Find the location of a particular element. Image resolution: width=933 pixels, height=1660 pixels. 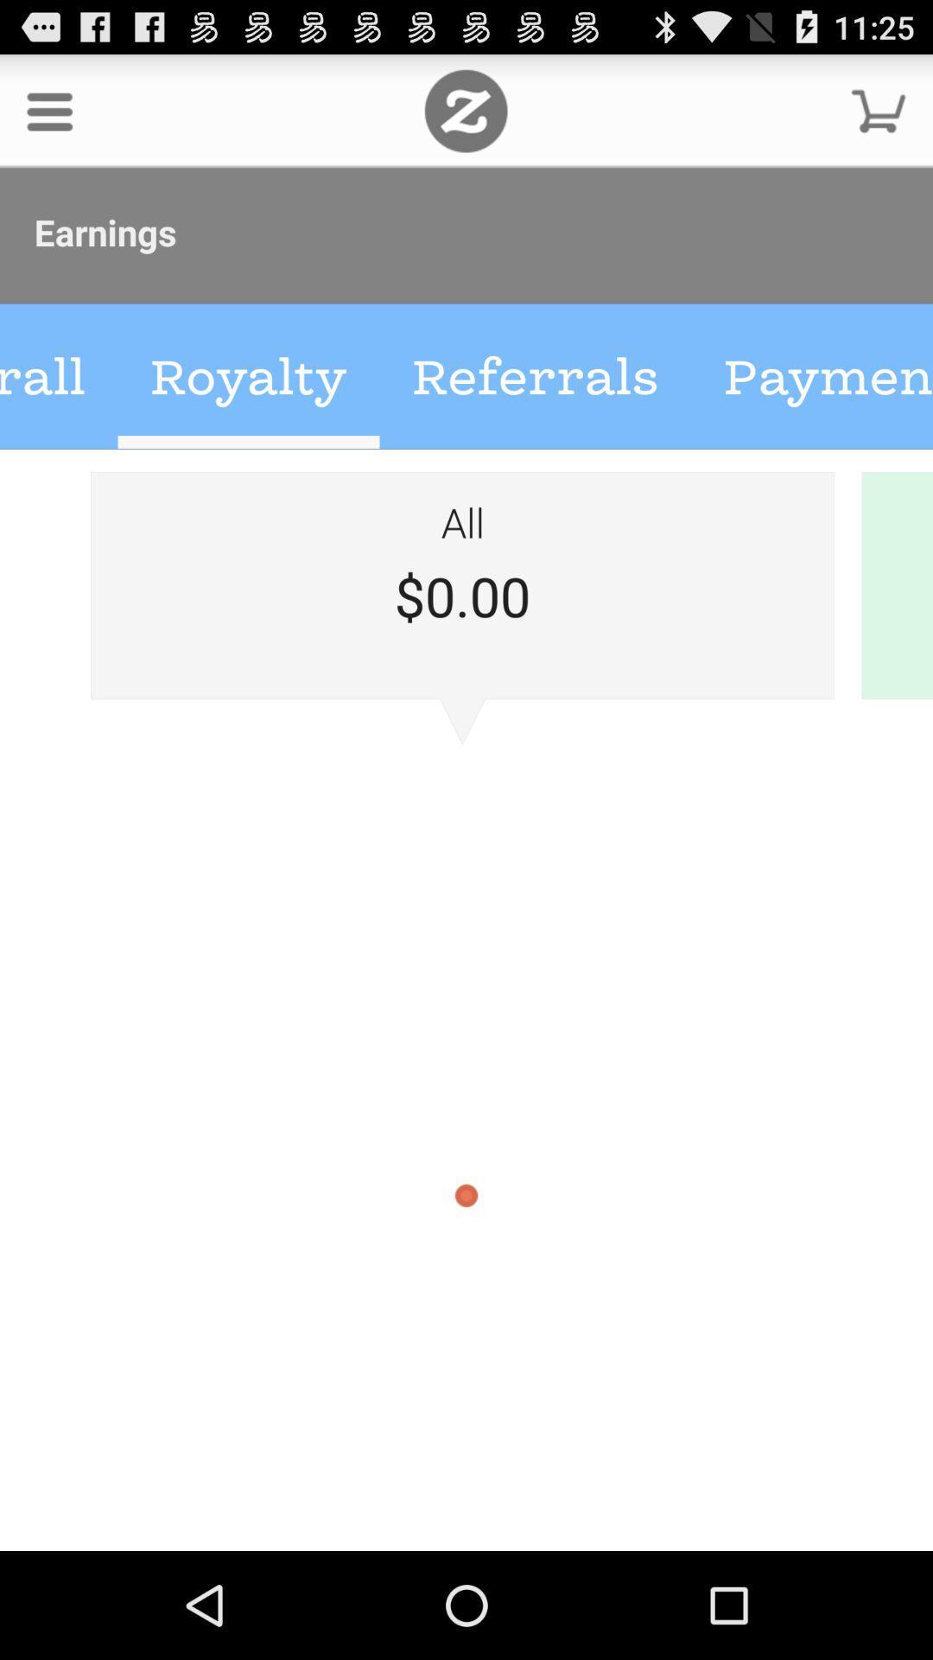

left of referrals is located at coordinates (249, 376).